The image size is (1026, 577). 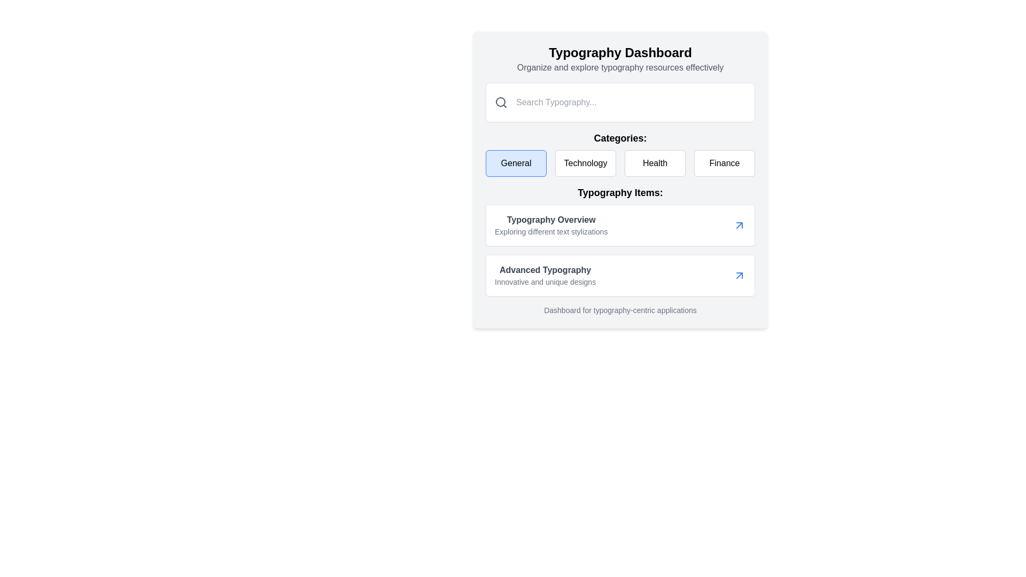 What do you see at coordinates (585, 163) in the screenshot?
I see `the 'Technology' button, which is the second button in a row of four category buttons` at bounding box center [585, 163].